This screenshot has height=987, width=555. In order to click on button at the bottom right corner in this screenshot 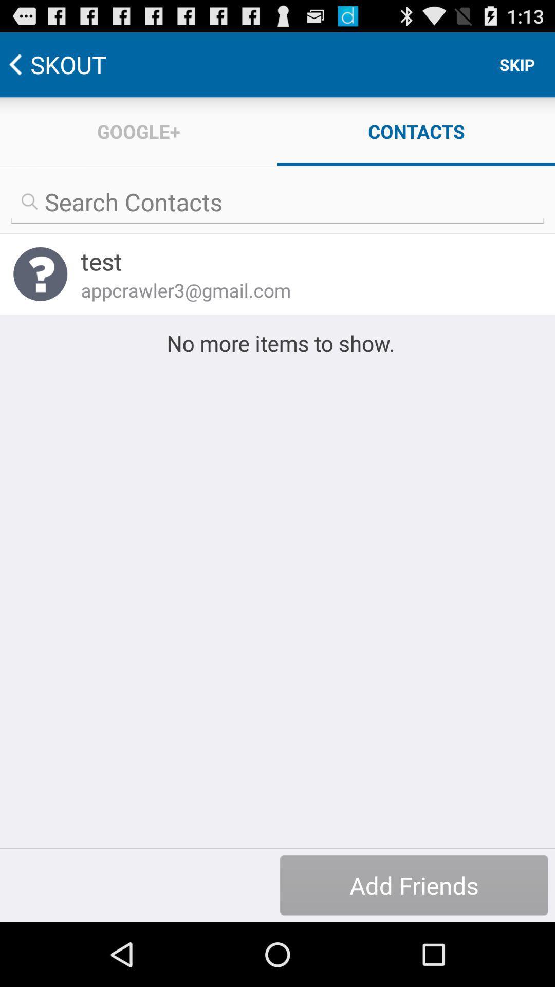, I will do `click(413, 885)`.